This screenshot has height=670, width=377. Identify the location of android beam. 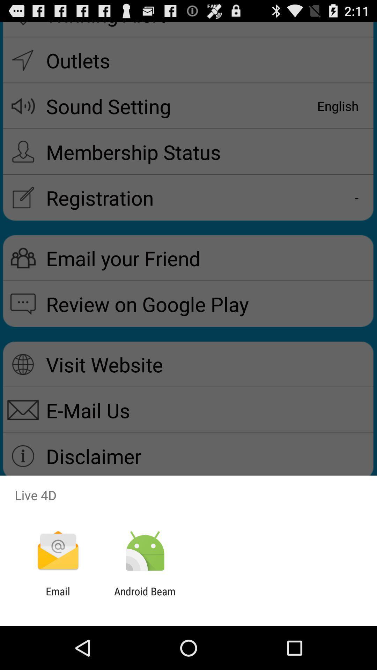
(145, 597).